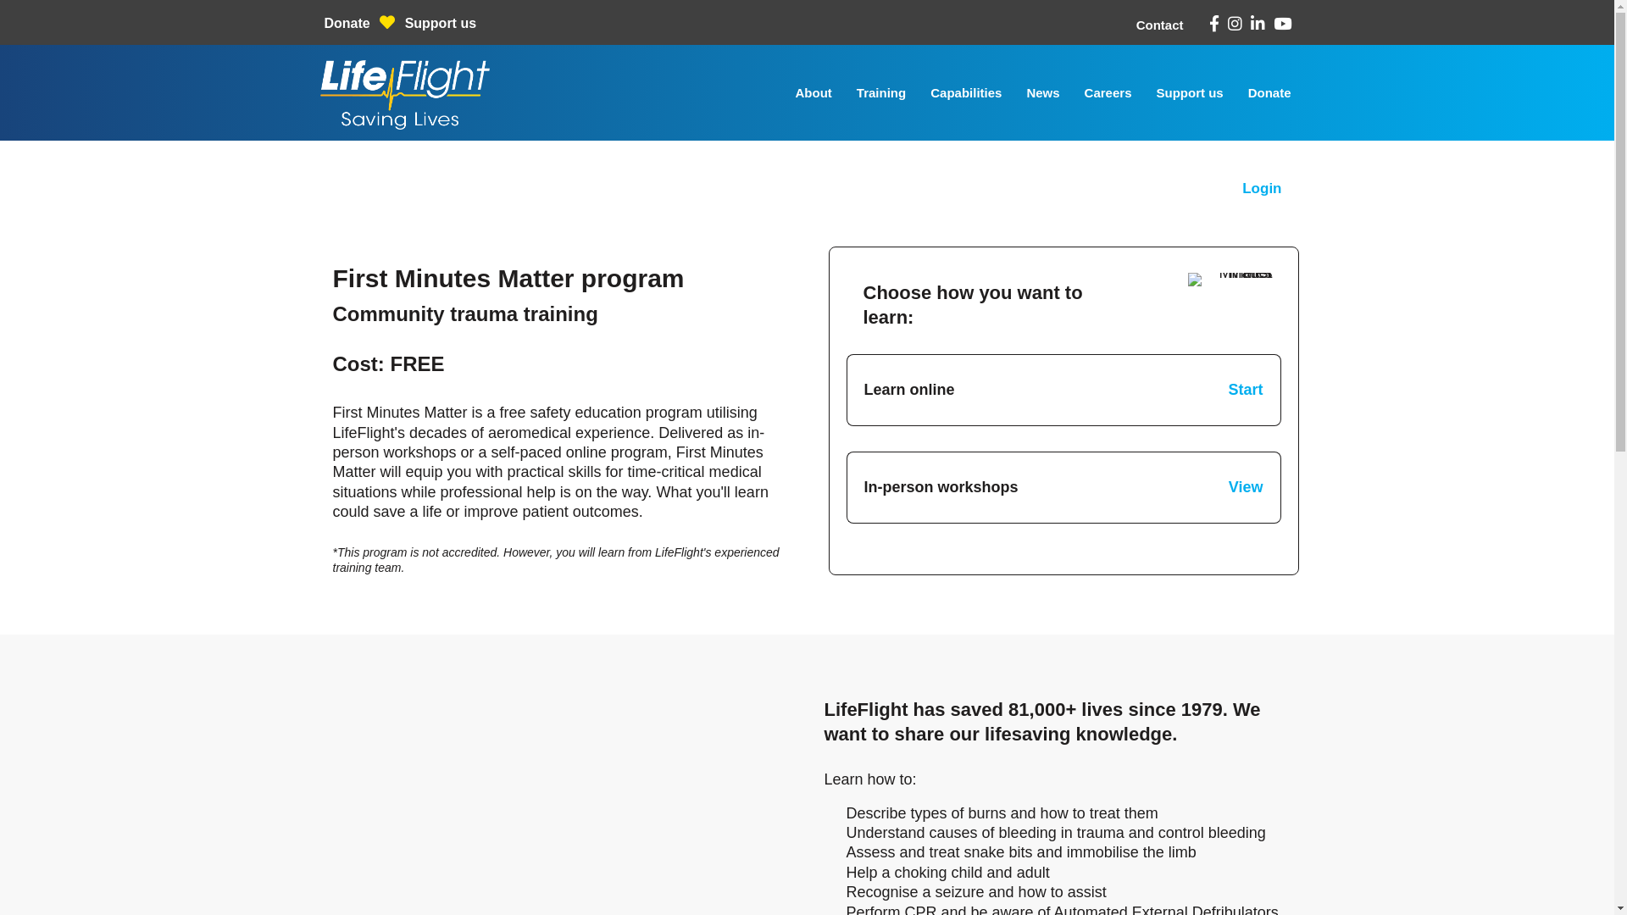 The height and width of the screenshot is (915, 1627). What do you see at coordinates (1261, 188) in the screenshot?
I see `'Login'` at bounding box center [1261, 188].